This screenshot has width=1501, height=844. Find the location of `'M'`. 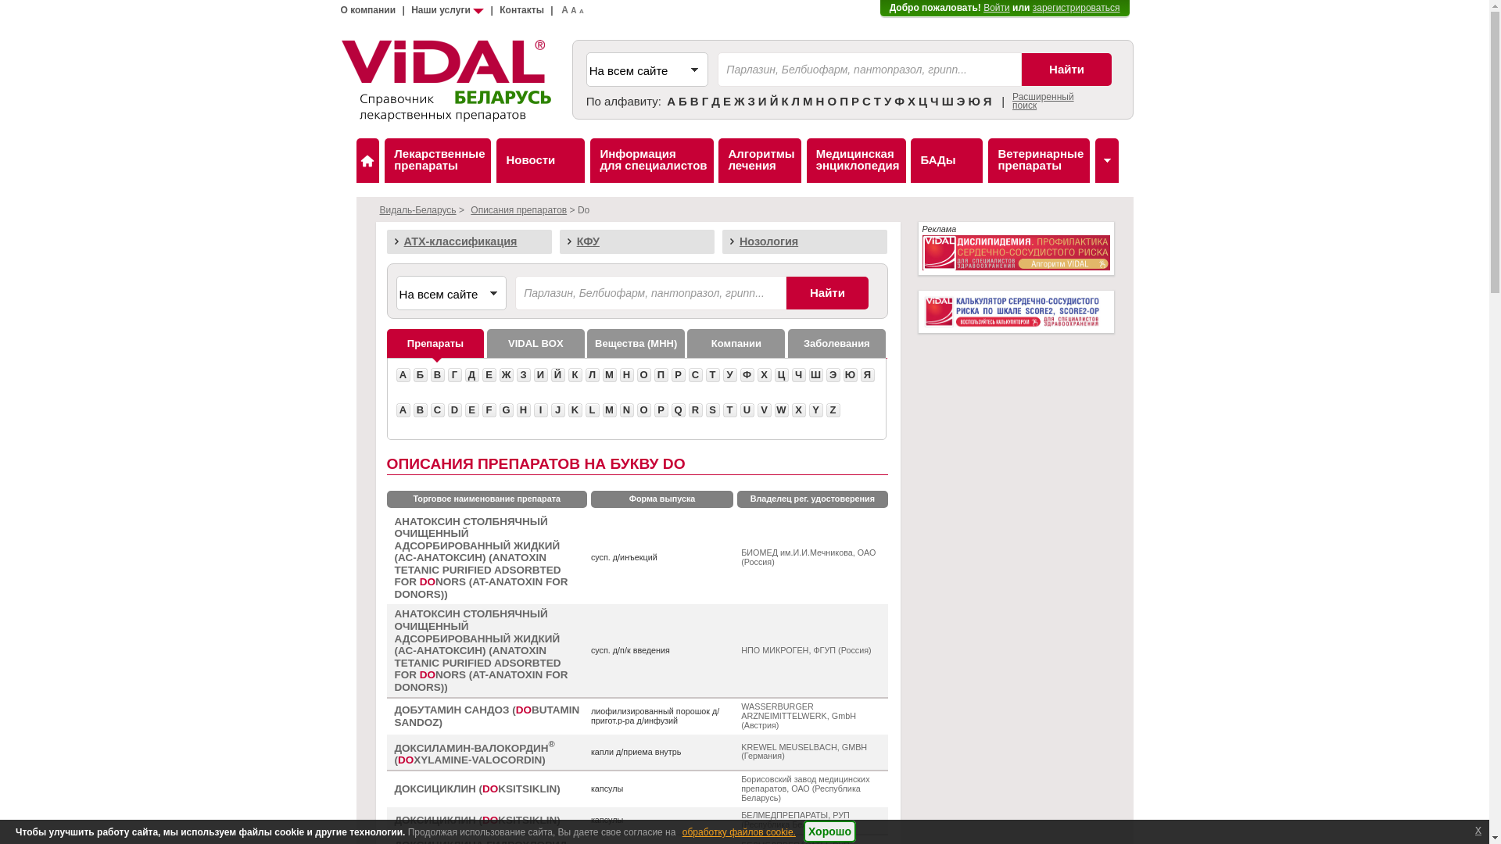

'M' is located at coordinates (607, 409).